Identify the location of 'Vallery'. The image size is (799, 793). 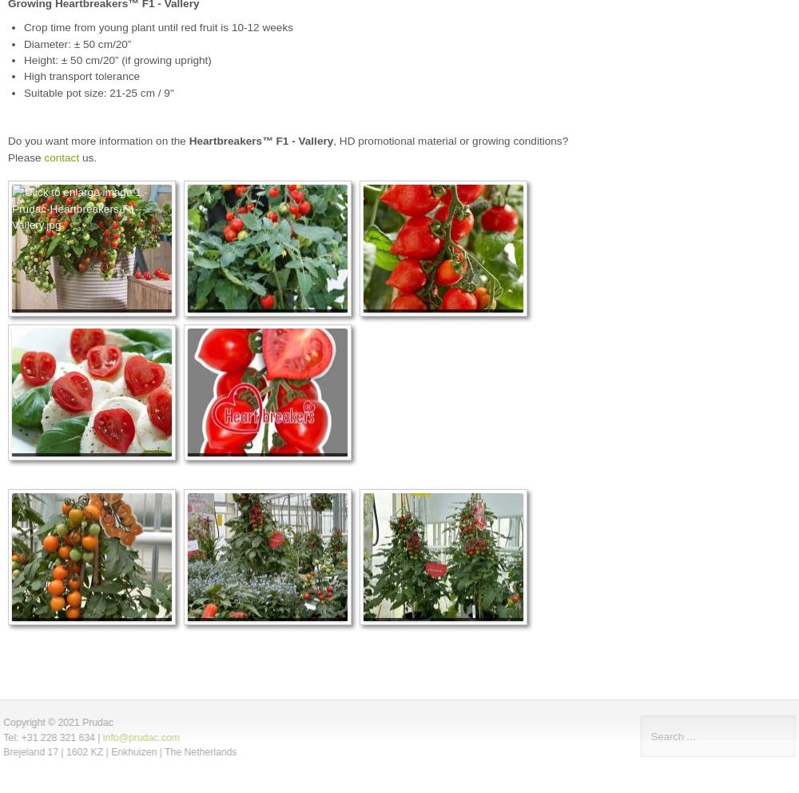
(316, 140).